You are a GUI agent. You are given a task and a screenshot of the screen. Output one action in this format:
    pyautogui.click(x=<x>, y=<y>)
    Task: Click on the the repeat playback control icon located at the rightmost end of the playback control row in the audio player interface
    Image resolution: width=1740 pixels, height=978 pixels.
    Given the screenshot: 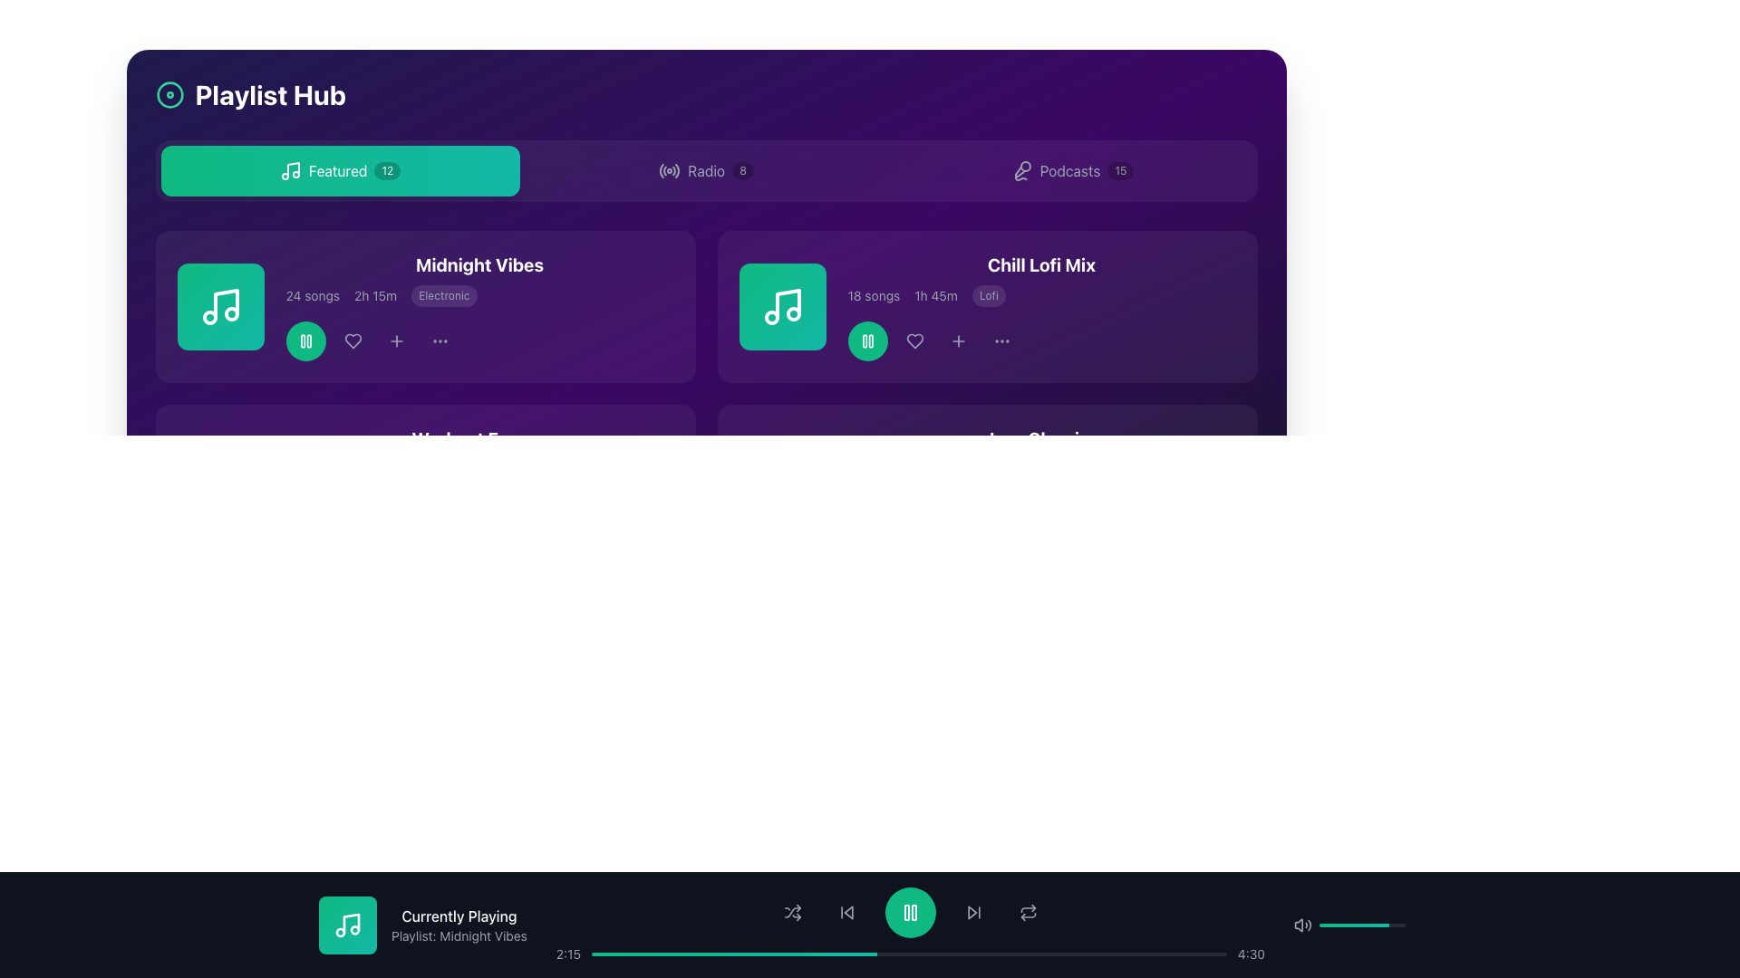 What is the action you would take?
    pyautogui.click(x=1027, y=915)
    